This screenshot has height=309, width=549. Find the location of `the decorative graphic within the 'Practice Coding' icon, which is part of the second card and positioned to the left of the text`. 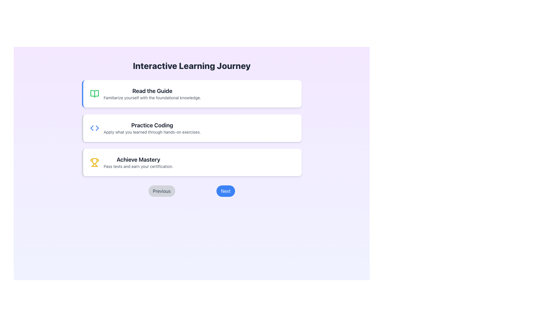

the decorative graphic within the 'Practice Coding' icon, which is part of the second card and positioned to the left of the text is located at coordinates (97, 128).